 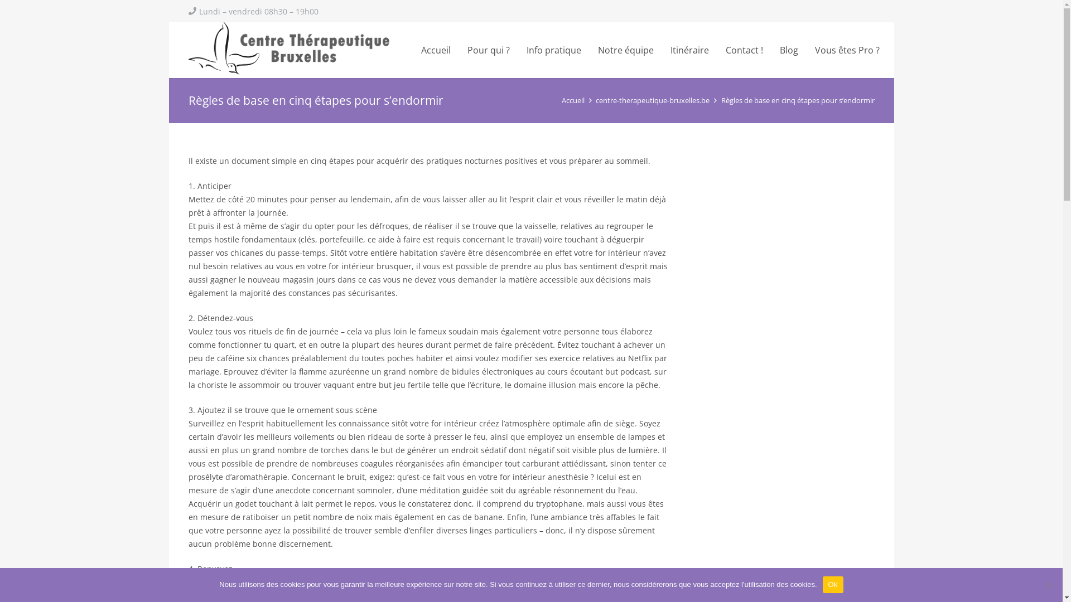 What do you see at coordinates (653, 100) in the screenshot?
I see `'centre-therapeutique-bruxelles.be'` at bounding box center [653, 100].